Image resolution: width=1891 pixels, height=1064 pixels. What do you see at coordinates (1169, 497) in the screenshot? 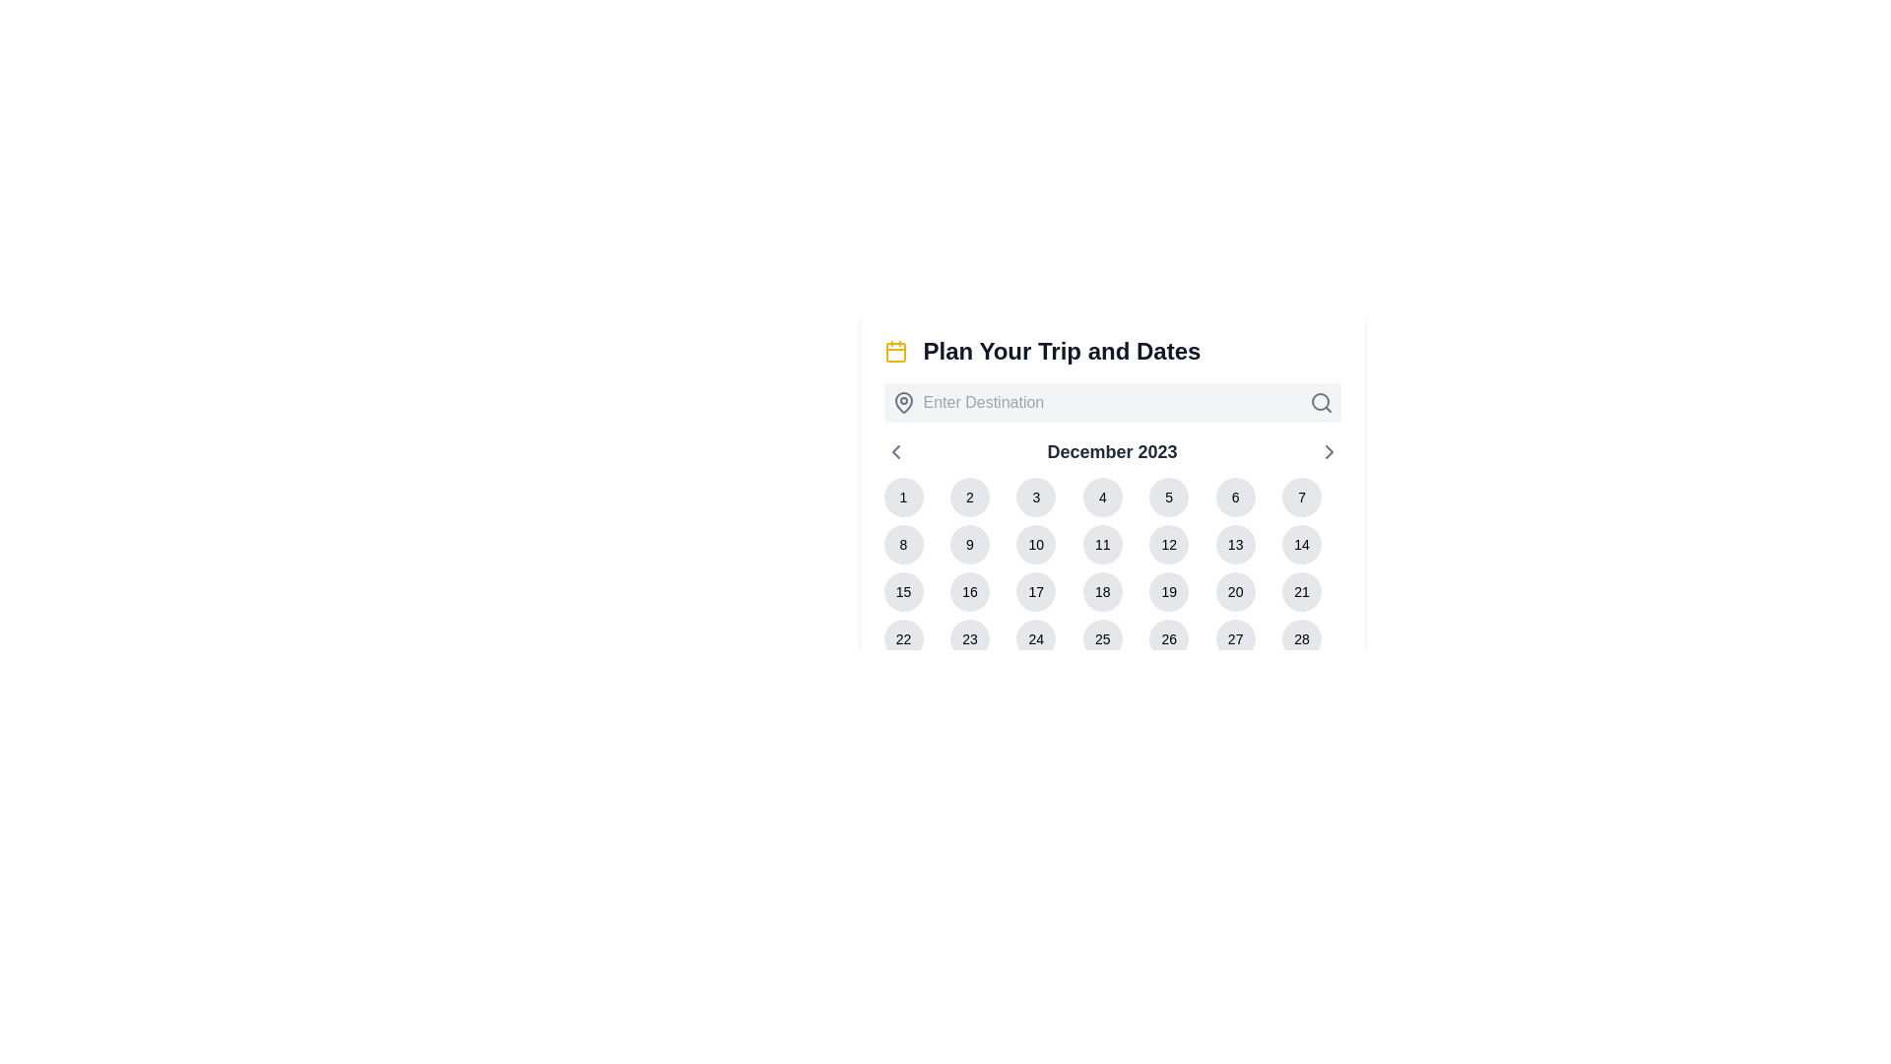
I see `the button representing the date '5th' in the December 2023 calendar` at bounding box center [1169, 497].